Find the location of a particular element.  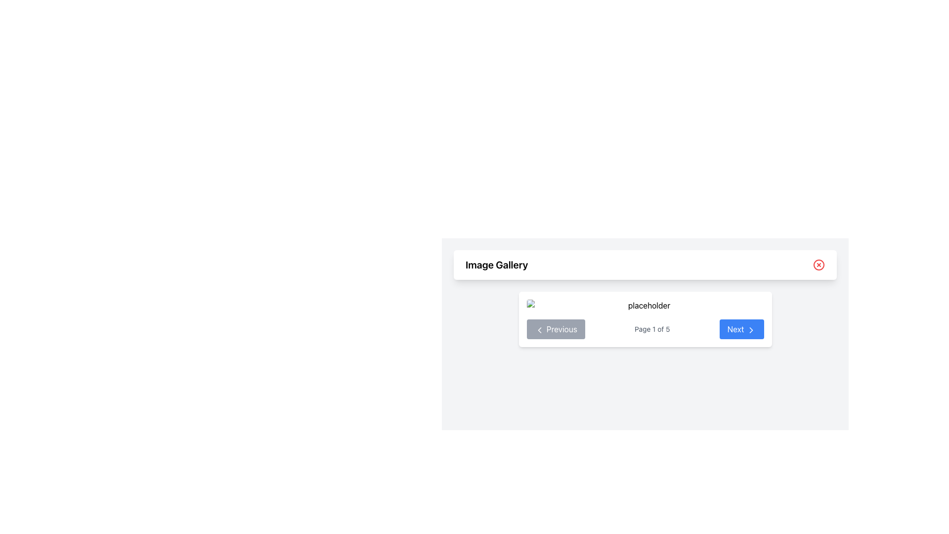

the 'Next' button, which has a blue background, white text, and a rightward arrow icon, to proceed to the next page is located at coordinates (741, 329).